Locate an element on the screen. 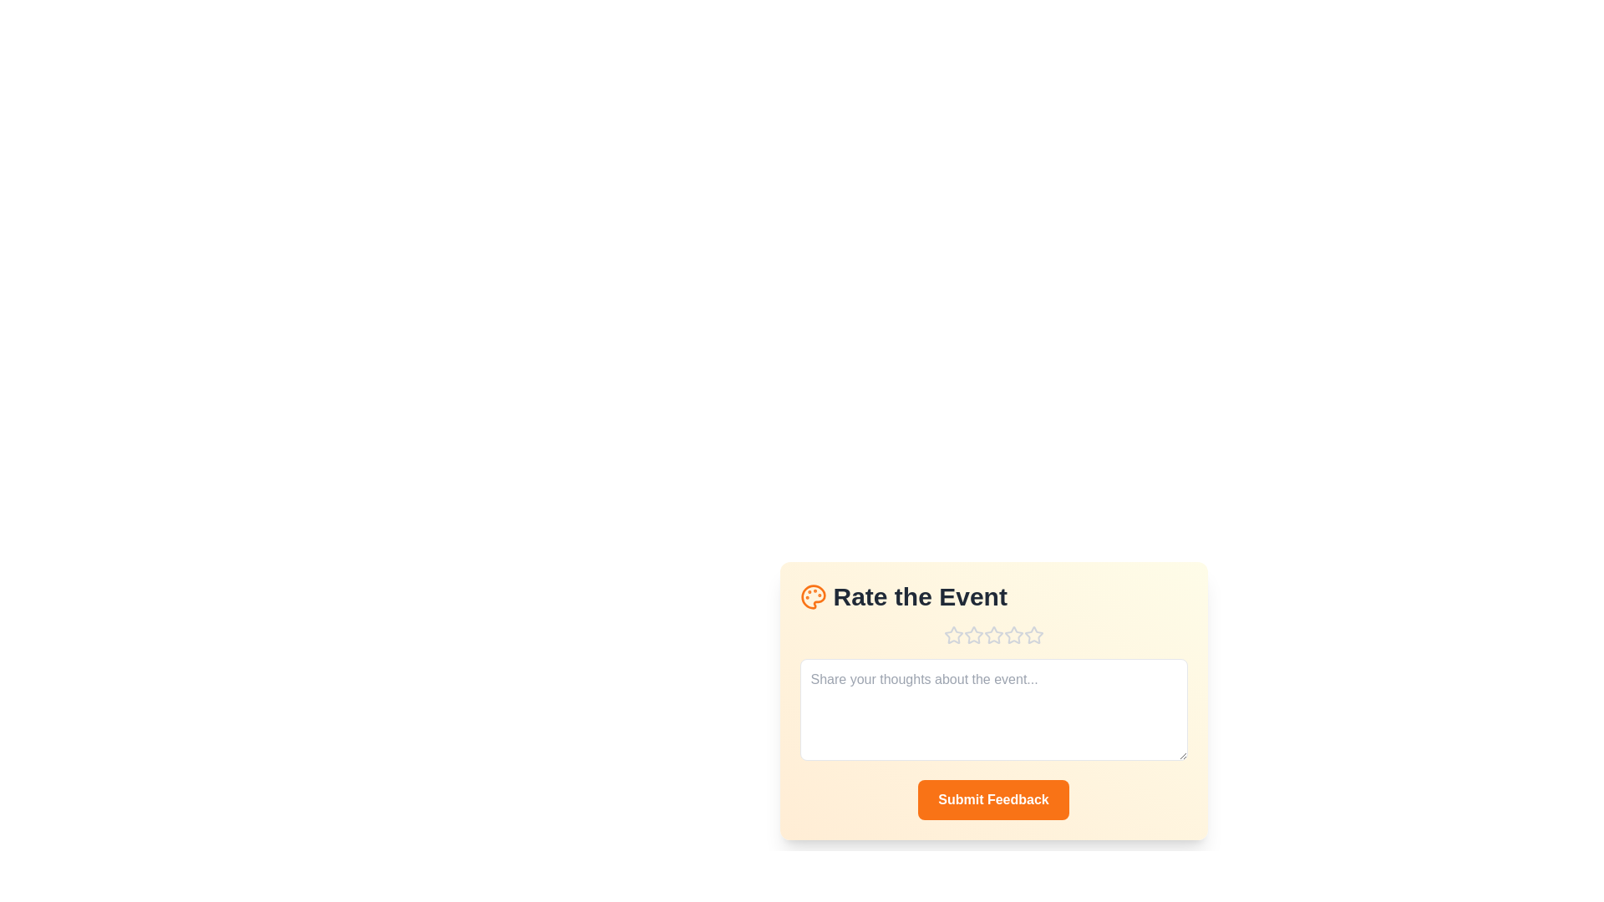  the 'Submit Feedback' button is located at coordinates (993, 798).